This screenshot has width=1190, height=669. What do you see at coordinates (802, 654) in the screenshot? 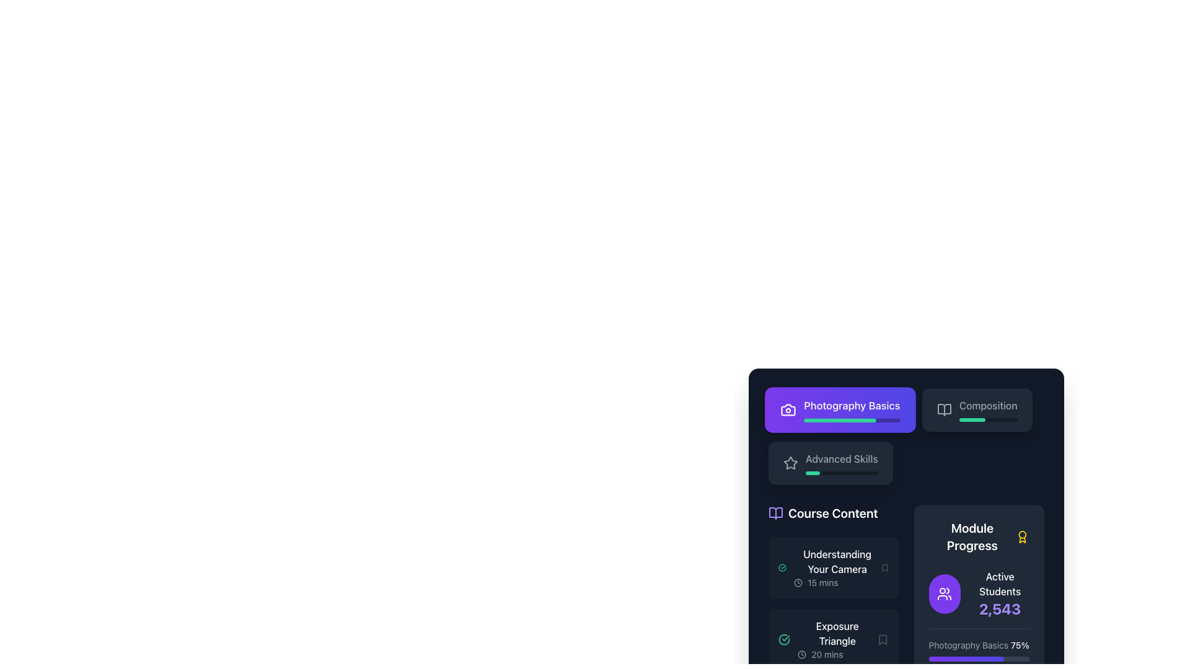
I see `the informational time-related icon located to the left of the text '20 mins' in the 'Exposure Triangle' sub-item within the 'Course Content' section` at bounding box center [802, 654].